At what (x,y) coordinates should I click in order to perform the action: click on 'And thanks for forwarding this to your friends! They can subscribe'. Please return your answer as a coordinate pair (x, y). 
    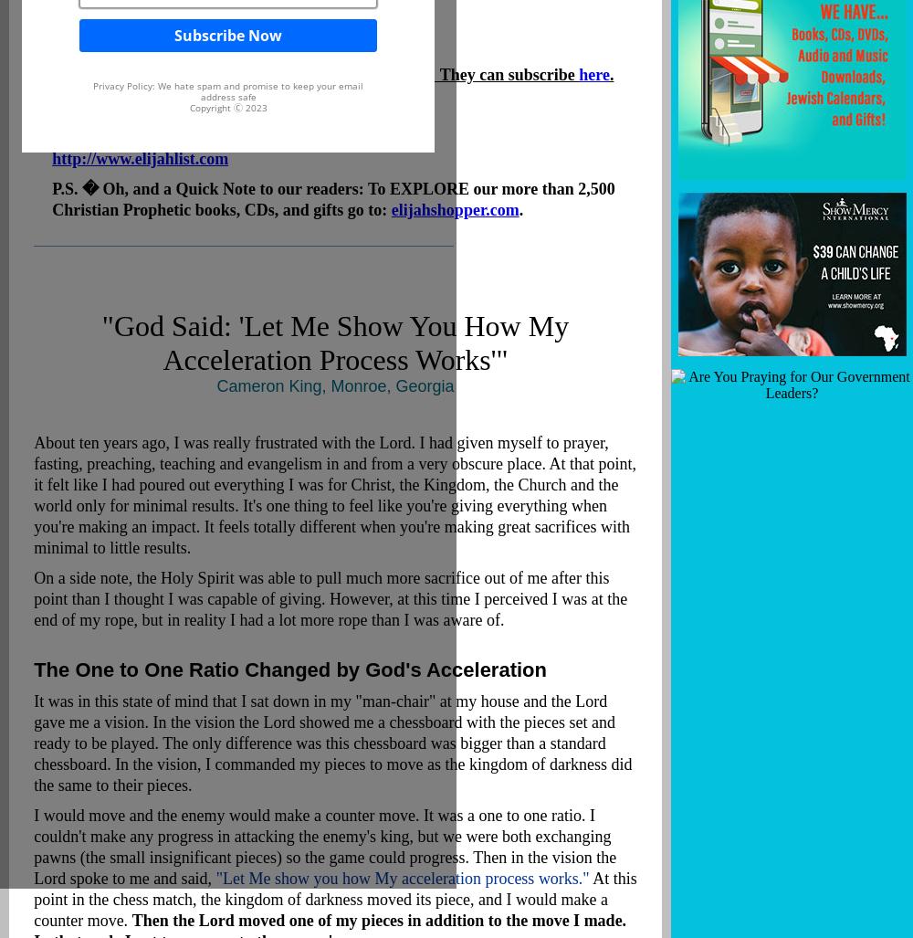
    Looking at the image, I should click on (101, 73).